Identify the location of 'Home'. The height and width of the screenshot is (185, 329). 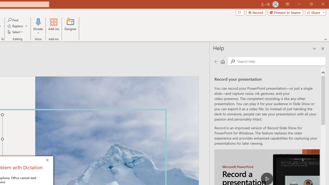
(223, 61).